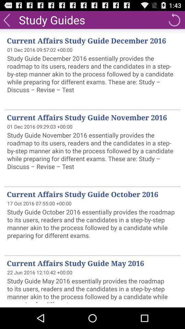 The height and width of the screenshot is (329, 185). Describe the element at coordinates (6, 19) in the screenshot. I see `go back` at that location.